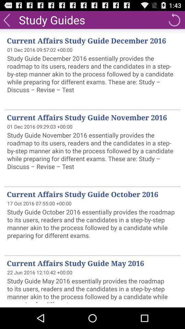 The height and width of the screenshot is (329, 185). Describe the element at coordinates (6, 19) in the screenshot. I see `go back` at that location.